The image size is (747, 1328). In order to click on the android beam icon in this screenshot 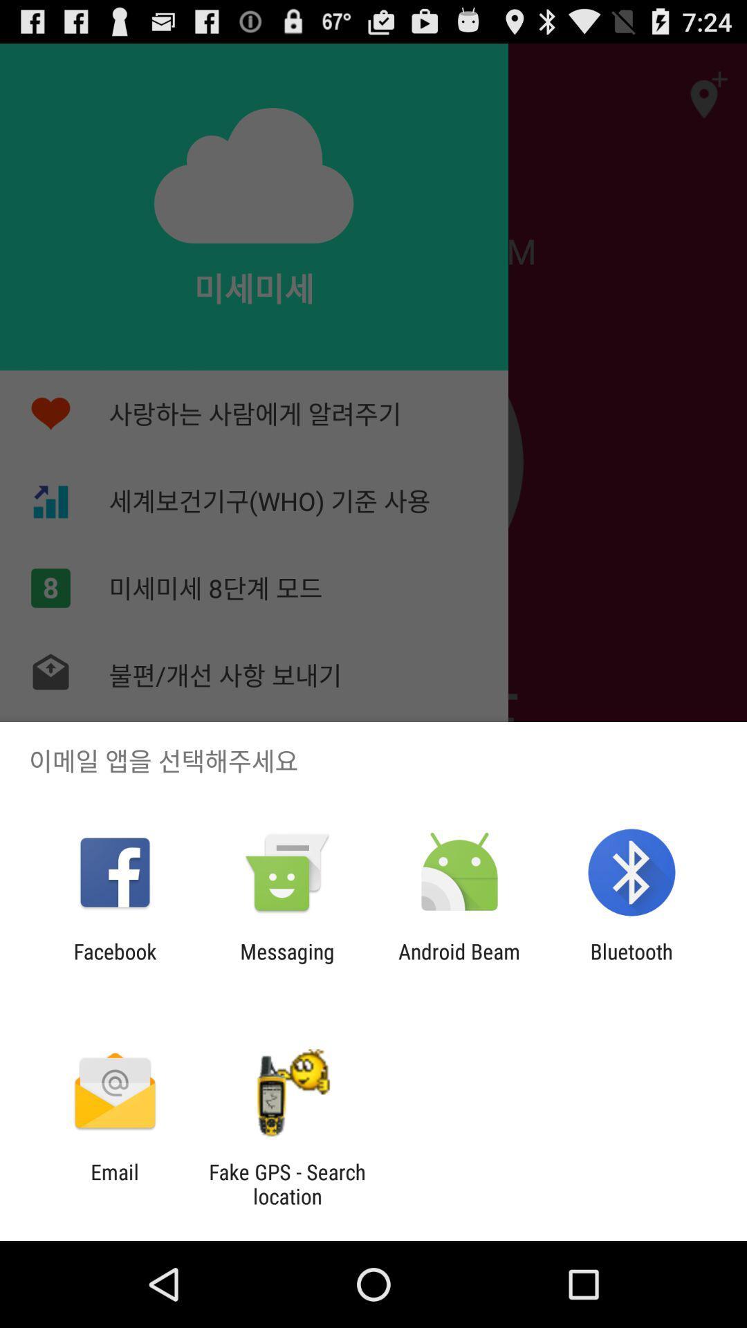, I will do `click(459, 963)`.